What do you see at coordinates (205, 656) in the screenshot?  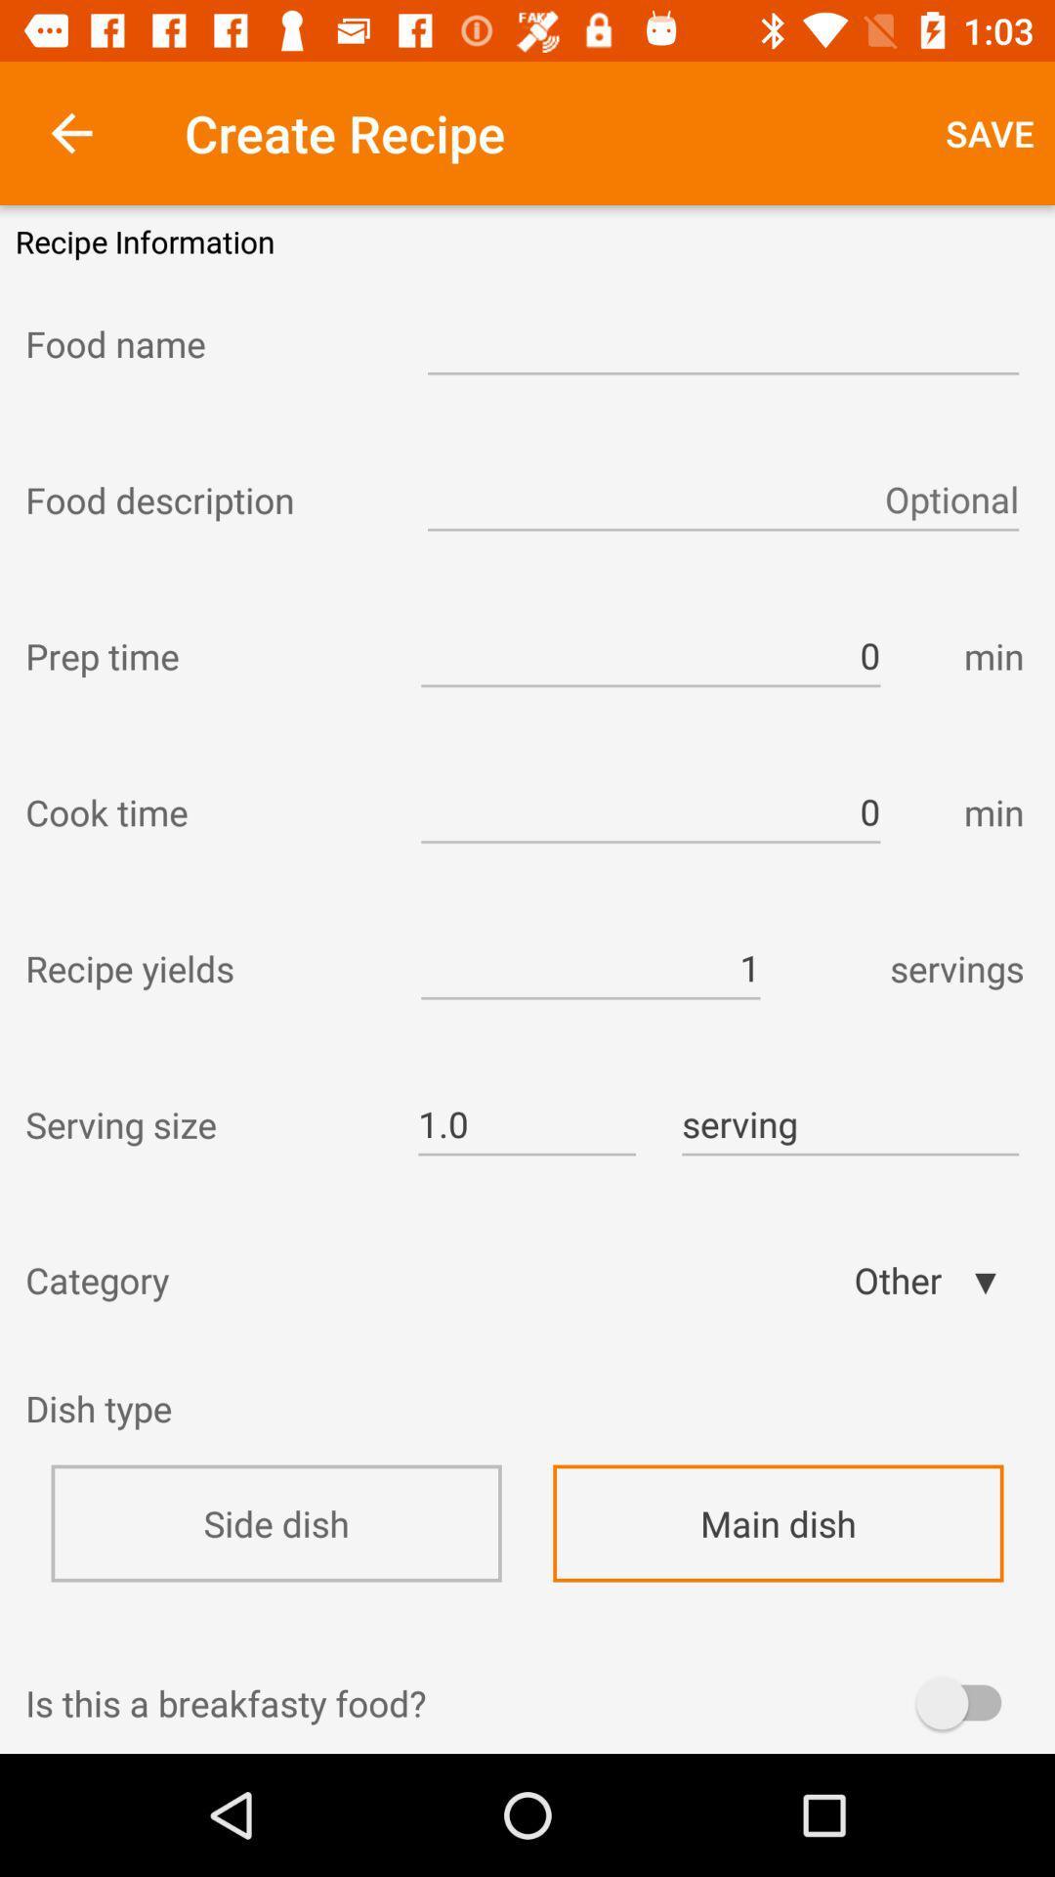 I see `the prep time item` at bounding box center [205, 656].